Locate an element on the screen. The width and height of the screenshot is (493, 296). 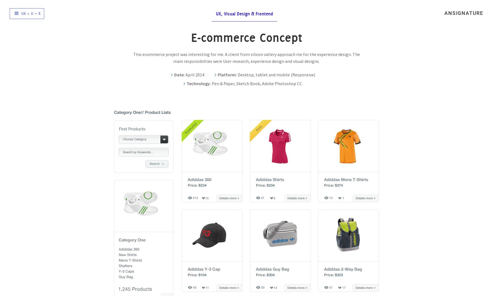
'E-commerce Concept' is located at coordinates (246, 37).